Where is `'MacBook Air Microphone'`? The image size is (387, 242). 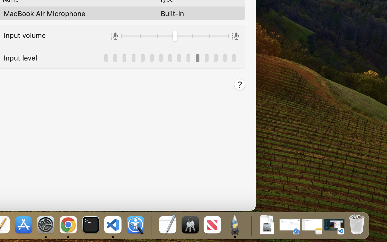
'MacBook Air Microphone' is located at coordinates (44, 13).